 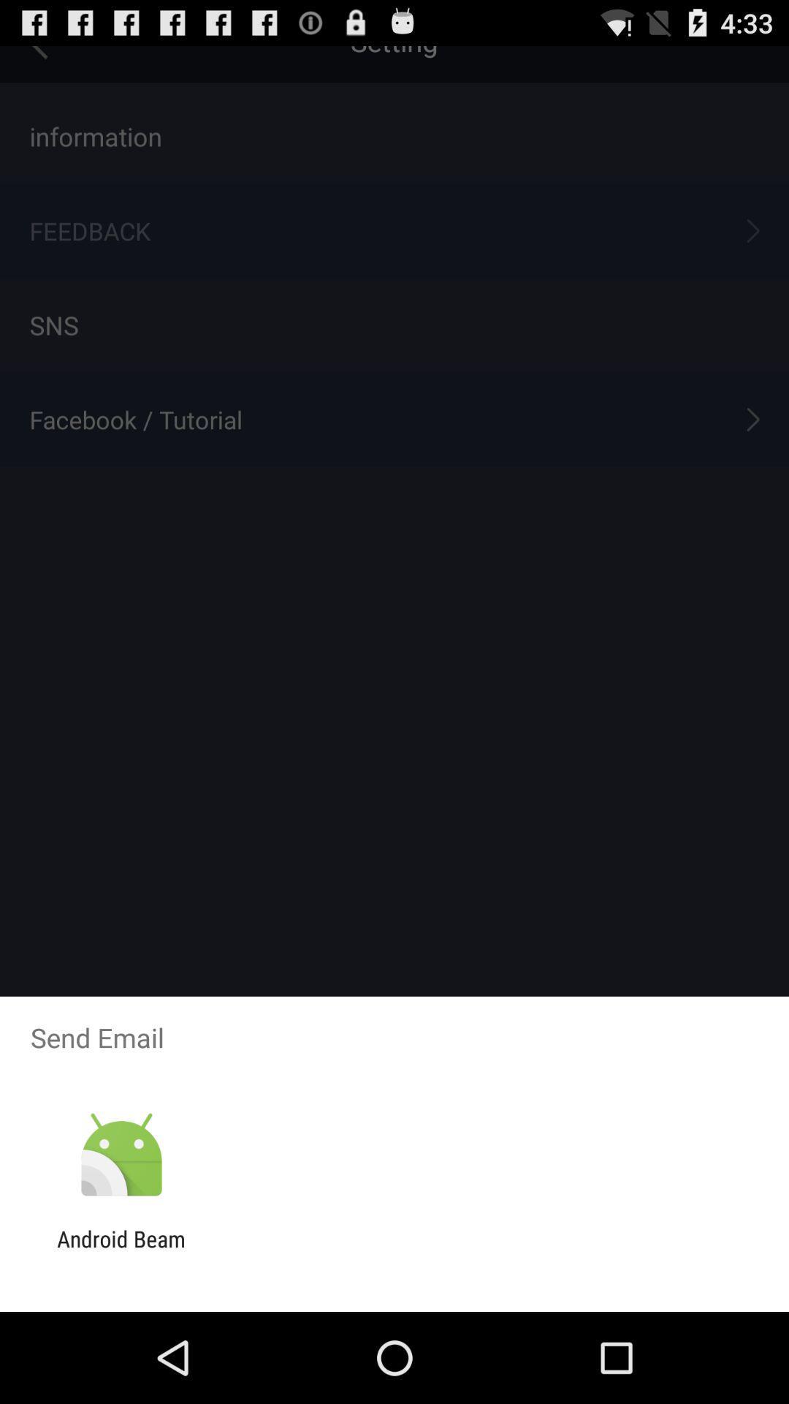 What do you see at coordinates (121, 1155) in the screenshot?
I see `the icon below the send email` at bounding box center [121, 1155].